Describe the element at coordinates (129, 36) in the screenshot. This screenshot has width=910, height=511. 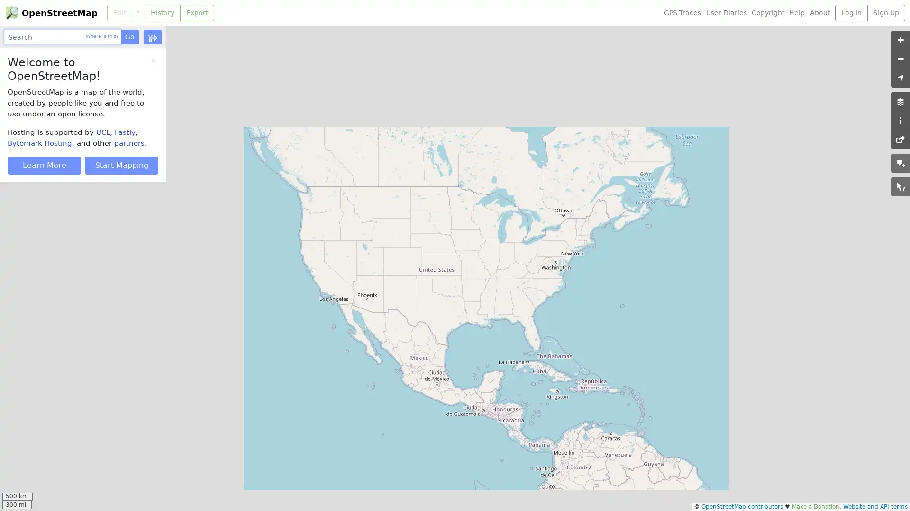
I see `Go` at that location.